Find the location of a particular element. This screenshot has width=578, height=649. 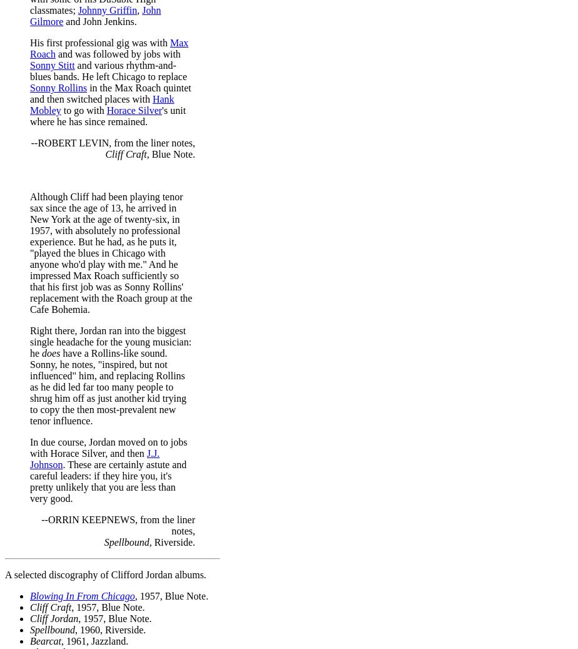

'Spellbound' is located at coordinates (29, 629).